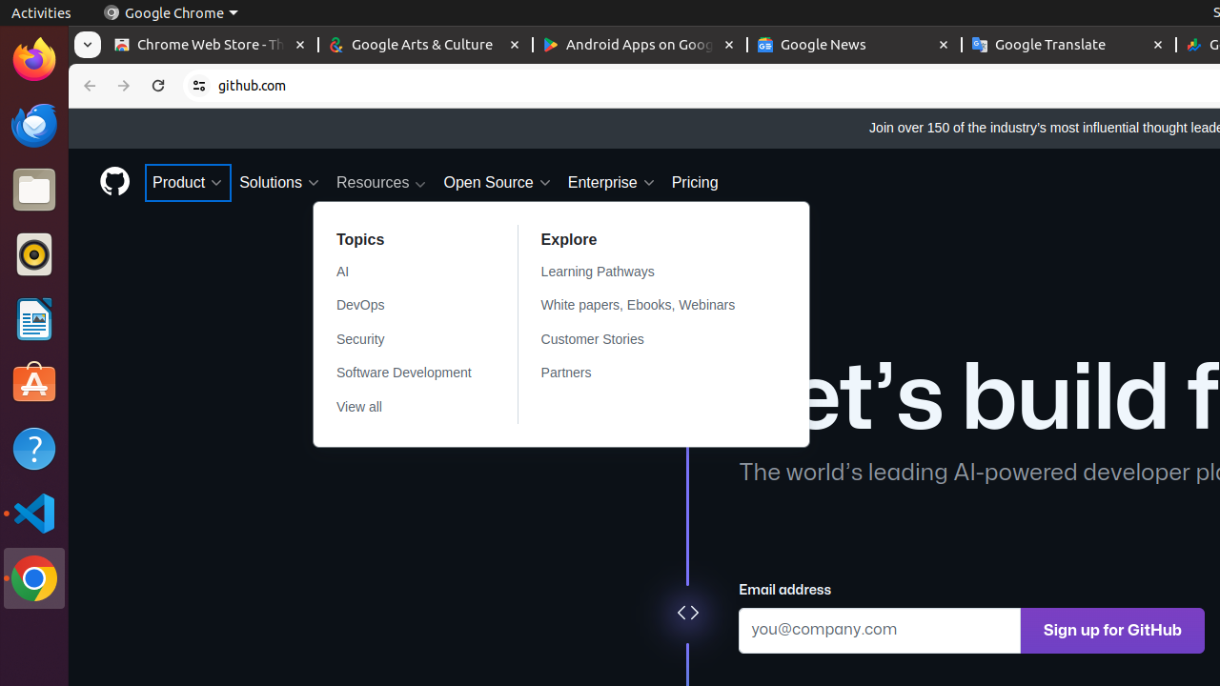 Image resolution: width=1220 pixels, height=686 pixels. Describe the element at coordinates (649, 338) in the screenshot. I see `'Customer Stories'` at that location.